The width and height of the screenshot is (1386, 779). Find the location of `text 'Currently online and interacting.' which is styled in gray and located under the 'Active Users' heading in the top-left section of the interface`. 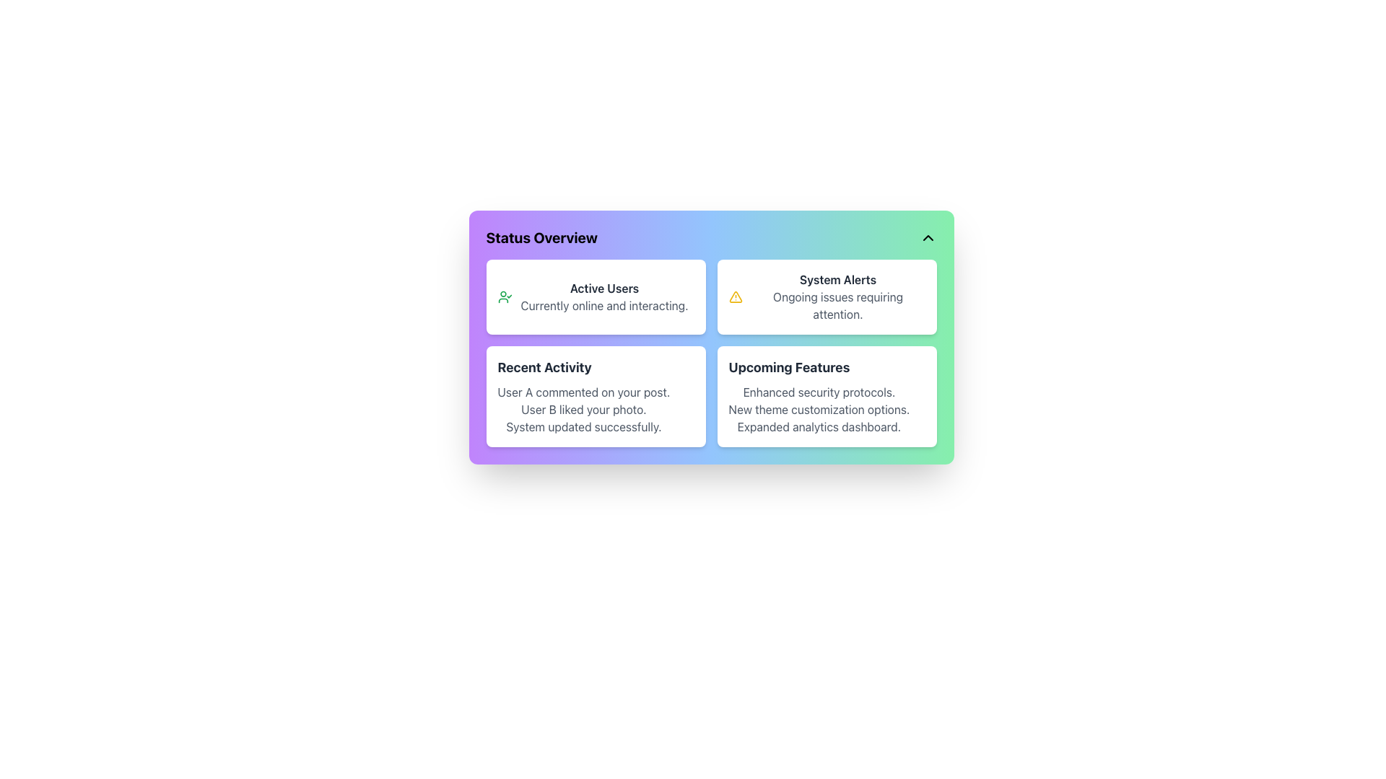

text 'Currently online and interacting.' which is styled in gray and located under the 'Active Users' heading in the top-left section of the interface is located at coordinates (604, 305).